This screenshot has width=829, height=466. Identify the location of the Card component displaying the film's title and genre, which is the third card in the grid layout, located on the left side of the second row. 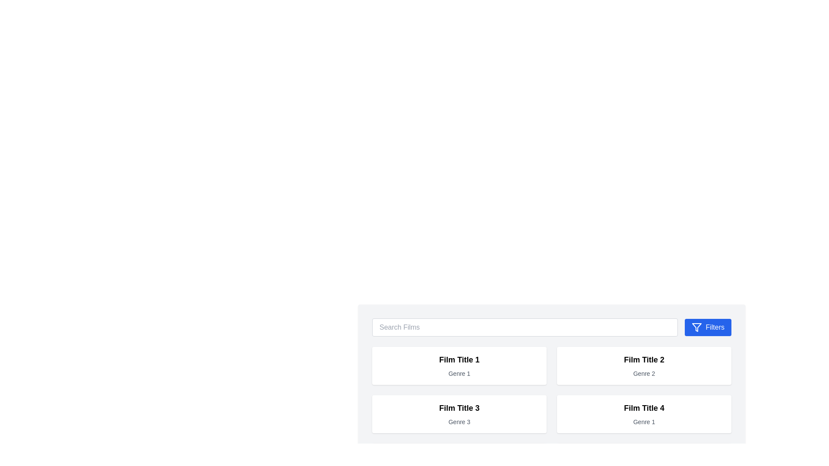
(459, 414).